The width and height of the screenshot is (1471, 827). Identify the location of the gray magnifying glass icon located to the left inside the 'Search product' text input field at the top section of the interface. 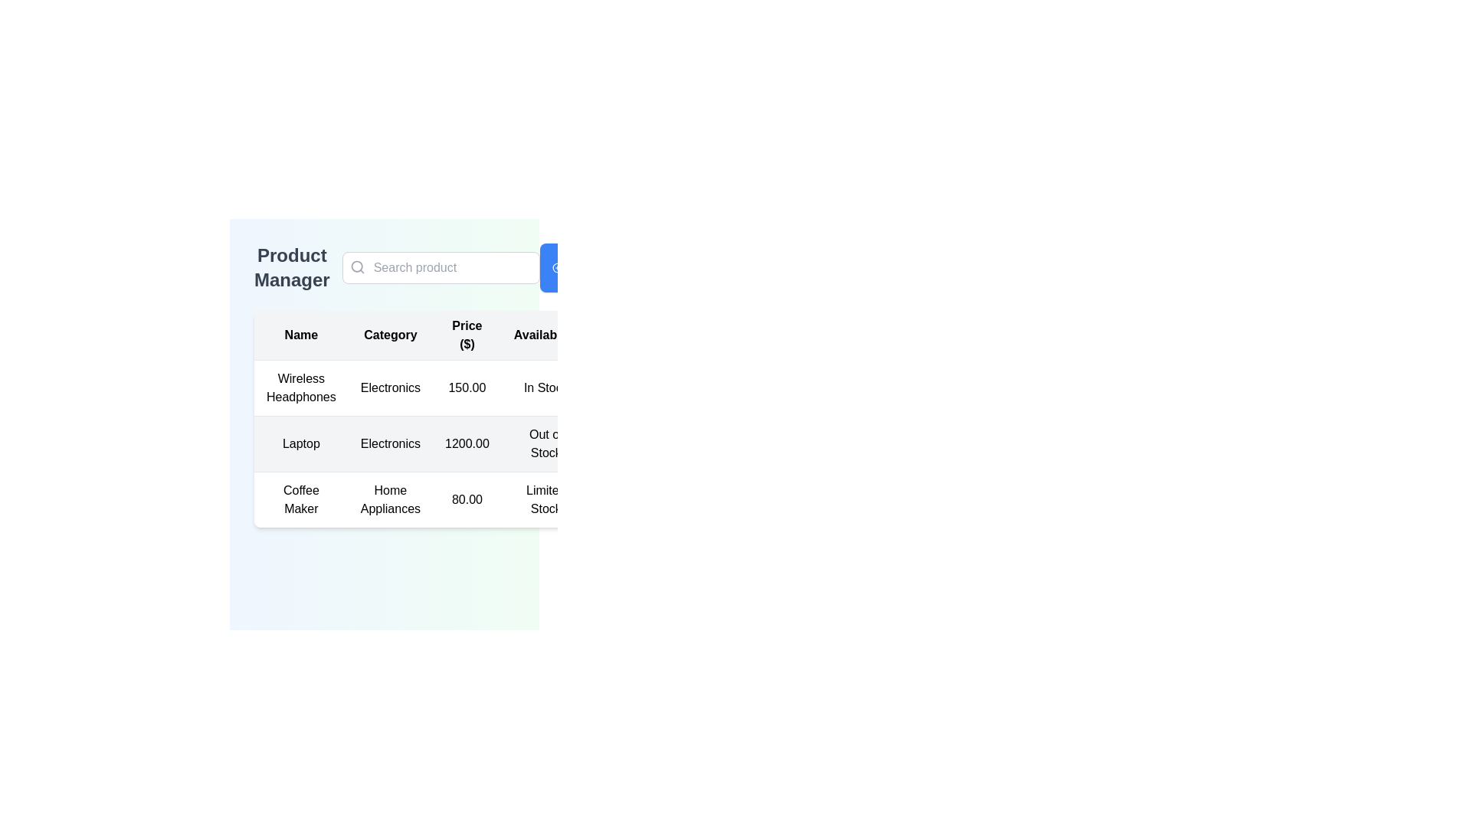
(356, 266).